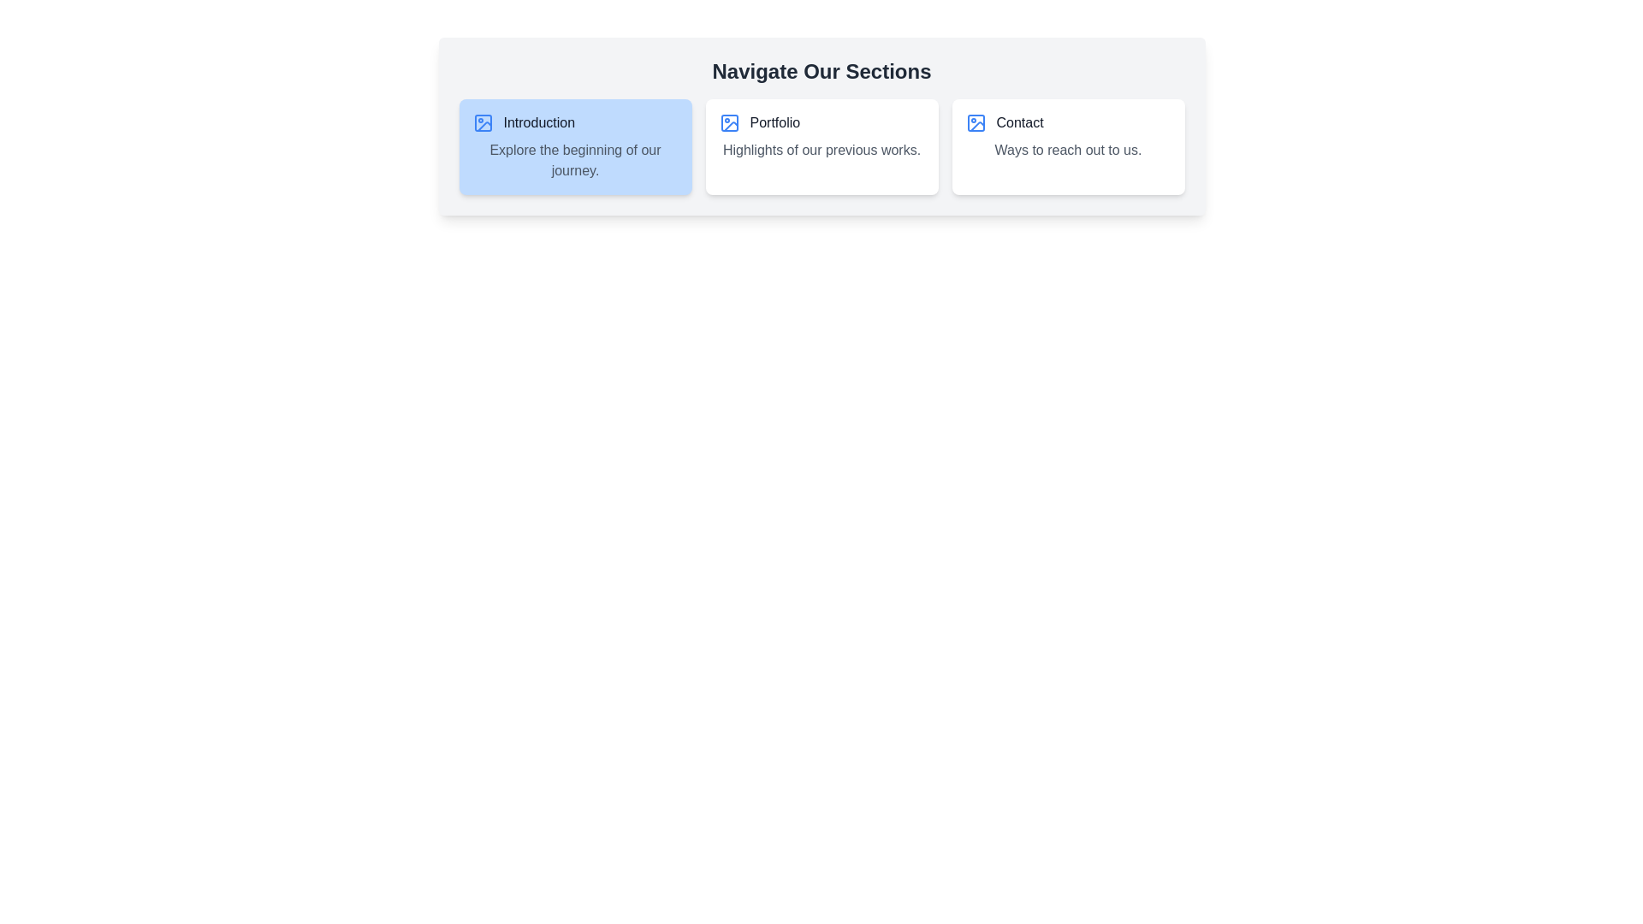 The image size is (1643, 924). I want to click on the contact information card, which is the third card in a three-column layout, positioned on the far right, adjacent to the 'Portfolio' card, under the group titled 'Navigate Our Sections.', so click(1067, 146).